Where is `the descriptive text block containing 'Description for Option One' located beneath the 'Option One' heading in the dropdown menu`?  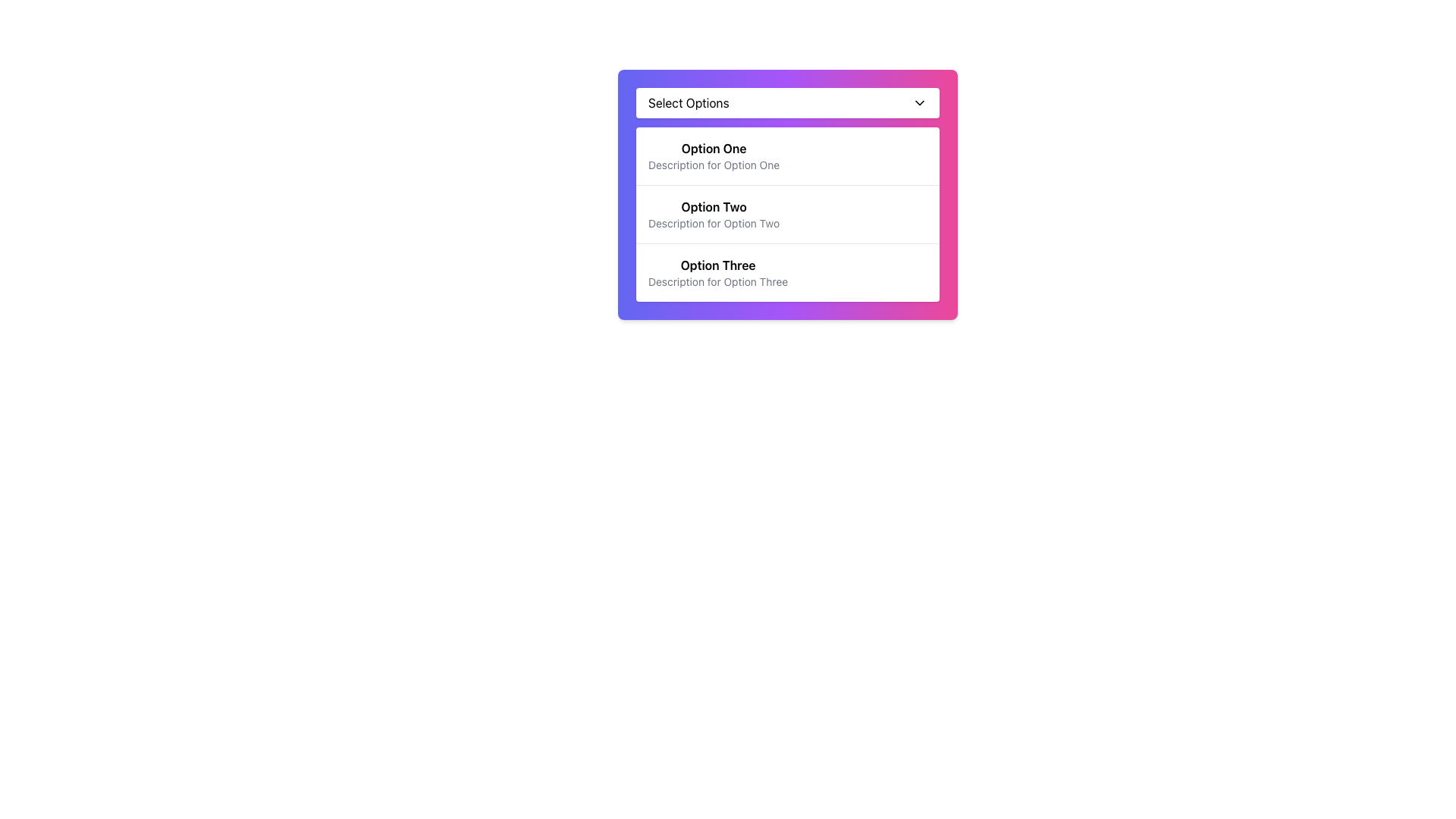 the descriptive text block containing 'Description for Option One' located beneath the 'Option One' heading in the dropdown menu is located at coordinates (713, 165).